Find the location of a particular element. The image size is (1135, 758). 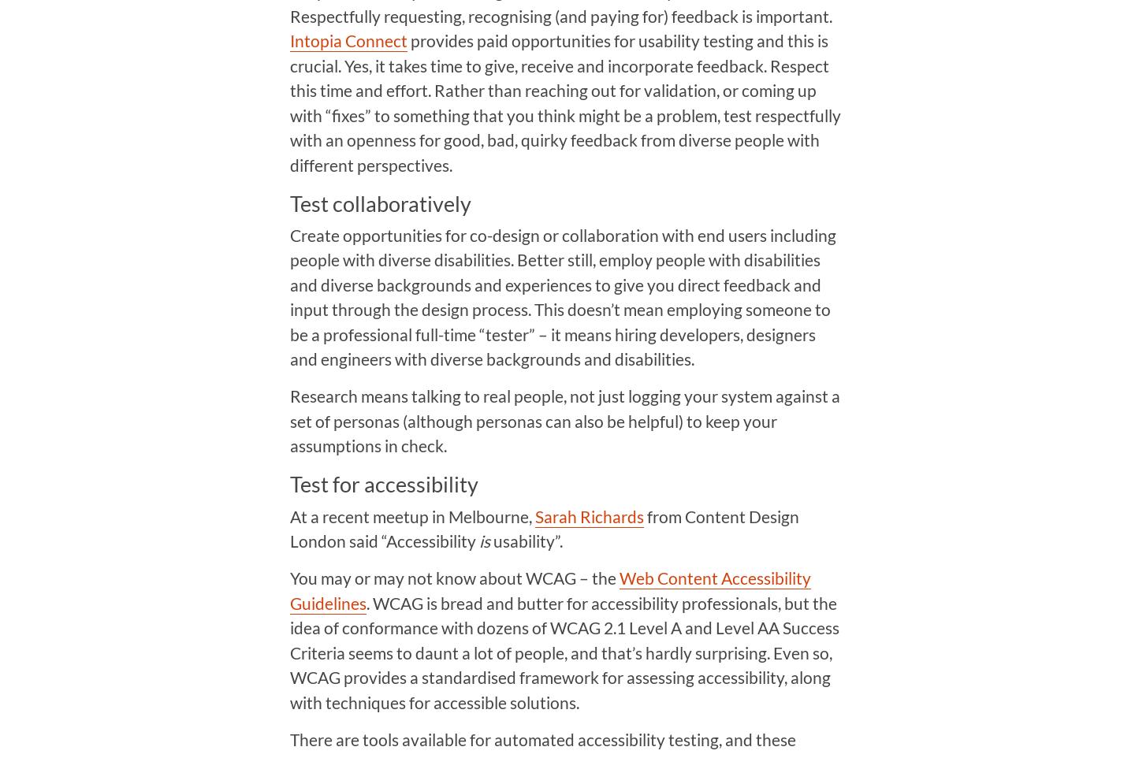

'At a recent meetup in Melbourne,' is located at coordinates (288, 515).